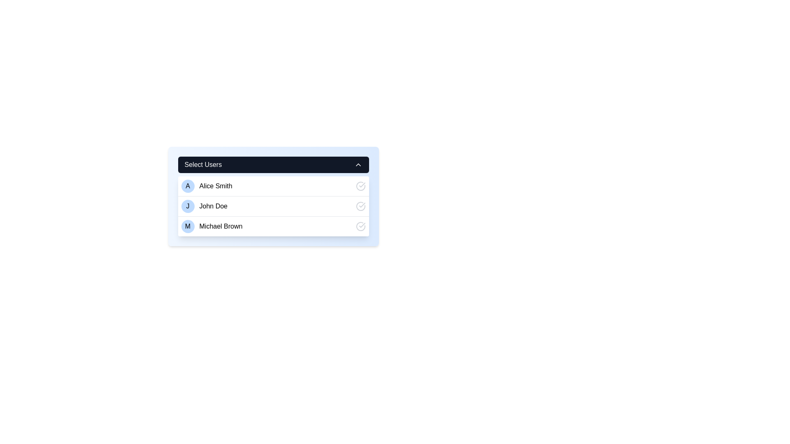 The width and height of the screenshot is (790, 444). Describe the element at coordinates (358, 165) in the screenshot. I see `the upwards-pointing chevron icon on the right side of the 'Select Users' dark blue bar` at that location.